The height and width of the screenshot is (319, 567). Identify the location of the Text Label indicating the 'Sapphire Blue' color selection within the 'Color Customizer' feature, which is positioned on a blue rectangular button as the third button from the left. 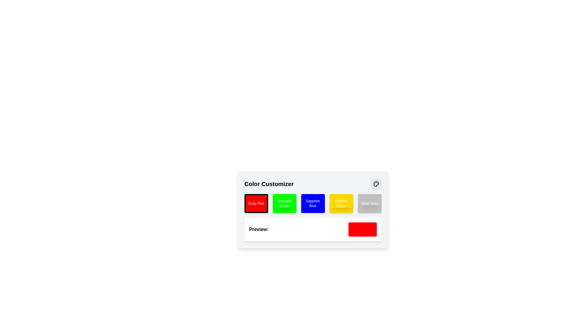
(312, 203).